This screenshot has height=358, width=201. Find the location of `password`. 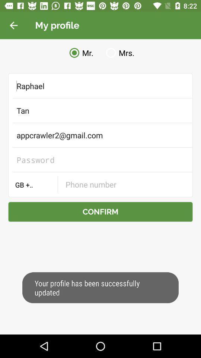

password is located at coordinates (100, 160).